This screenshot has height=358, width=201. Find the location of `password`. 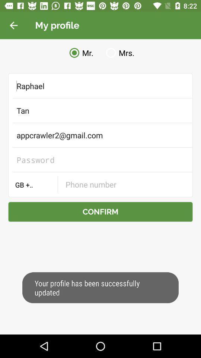

password is located at coordinates (100, 160).